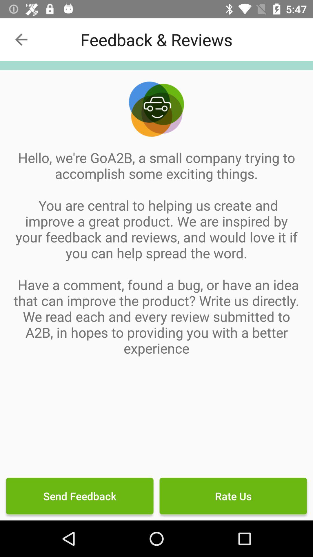  What do you see at coordinates (233, 495) in the screenshot?
I see `icon to the right of send feedback` at bounding box center [233, 495].